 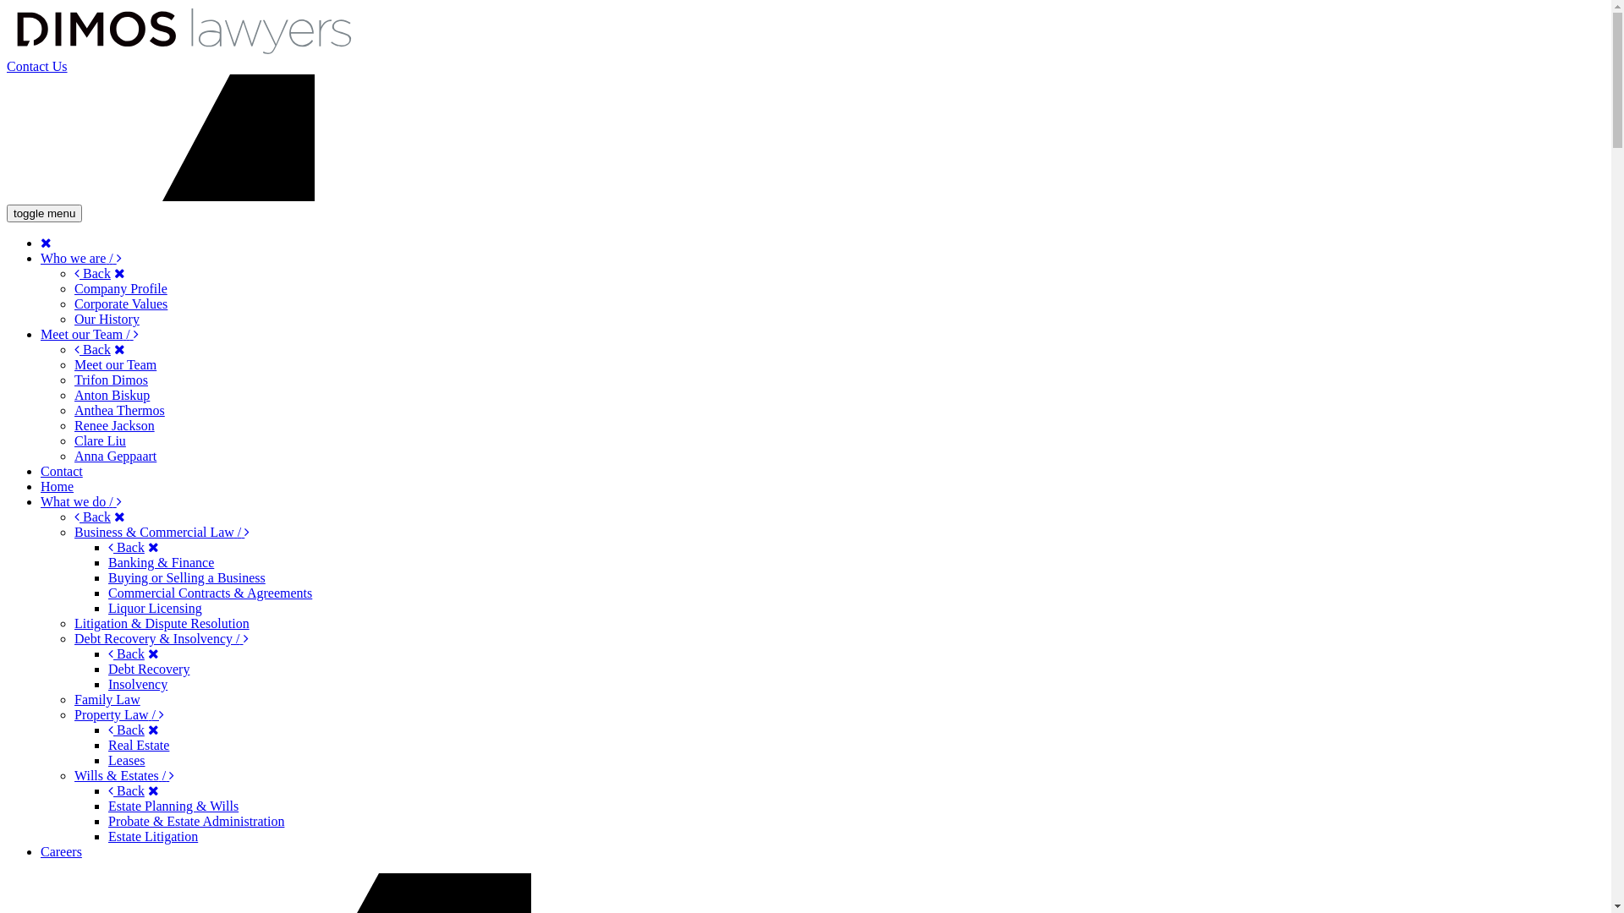 I want to click on 'Who we are /', so click(x=80, y=258).